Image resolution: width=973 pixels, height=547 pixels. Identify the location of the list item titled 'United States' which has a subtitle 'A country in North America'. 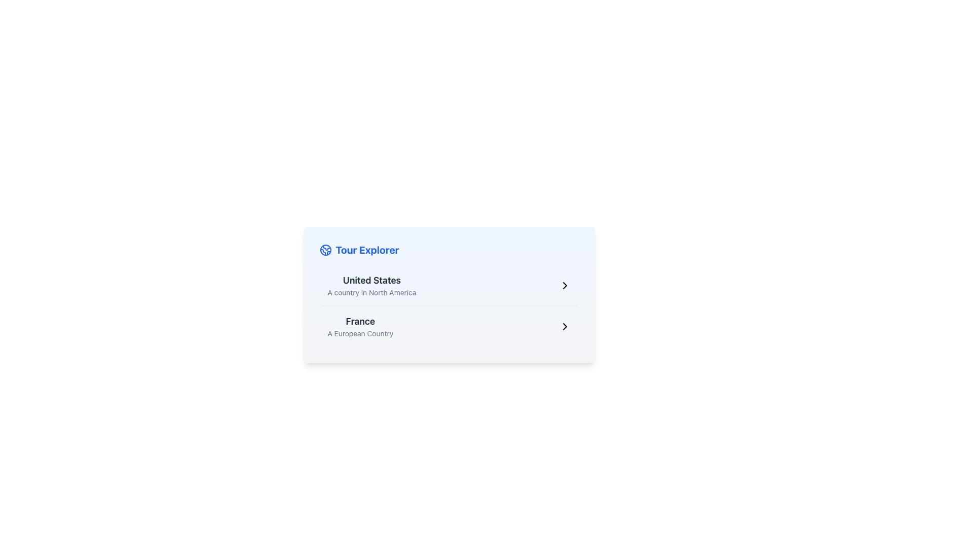
(448, 285).